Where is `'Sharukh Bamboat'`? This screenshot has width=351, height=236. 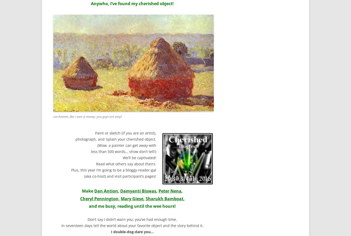 'Sharukh Bamboat' is located at coordinates (164, 198).